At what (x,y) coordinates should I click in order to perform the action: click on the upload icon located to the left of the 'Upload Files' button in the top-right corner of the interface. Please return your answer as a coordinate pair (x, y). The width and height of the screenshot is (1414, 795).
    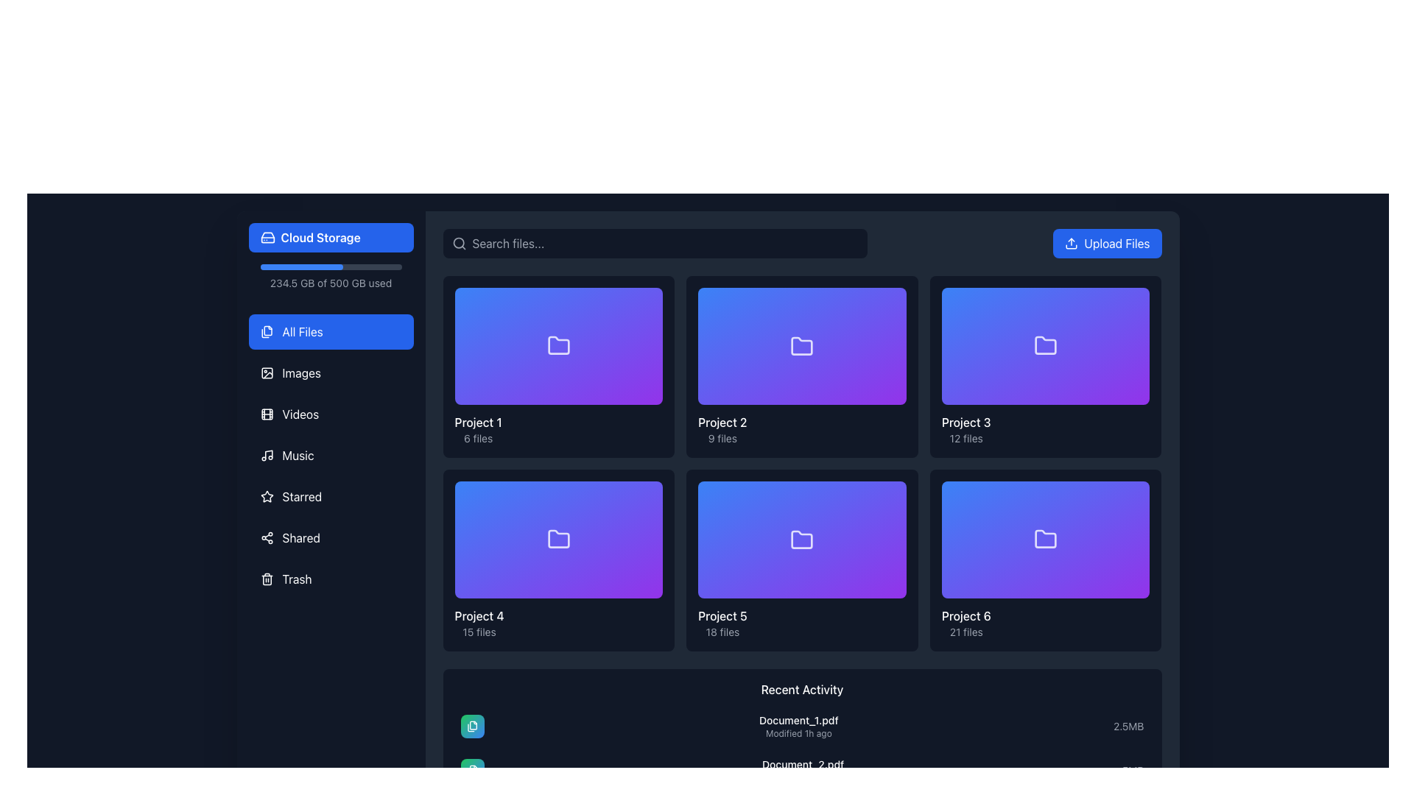
    Looking at the image, I should click on (1072, 243).